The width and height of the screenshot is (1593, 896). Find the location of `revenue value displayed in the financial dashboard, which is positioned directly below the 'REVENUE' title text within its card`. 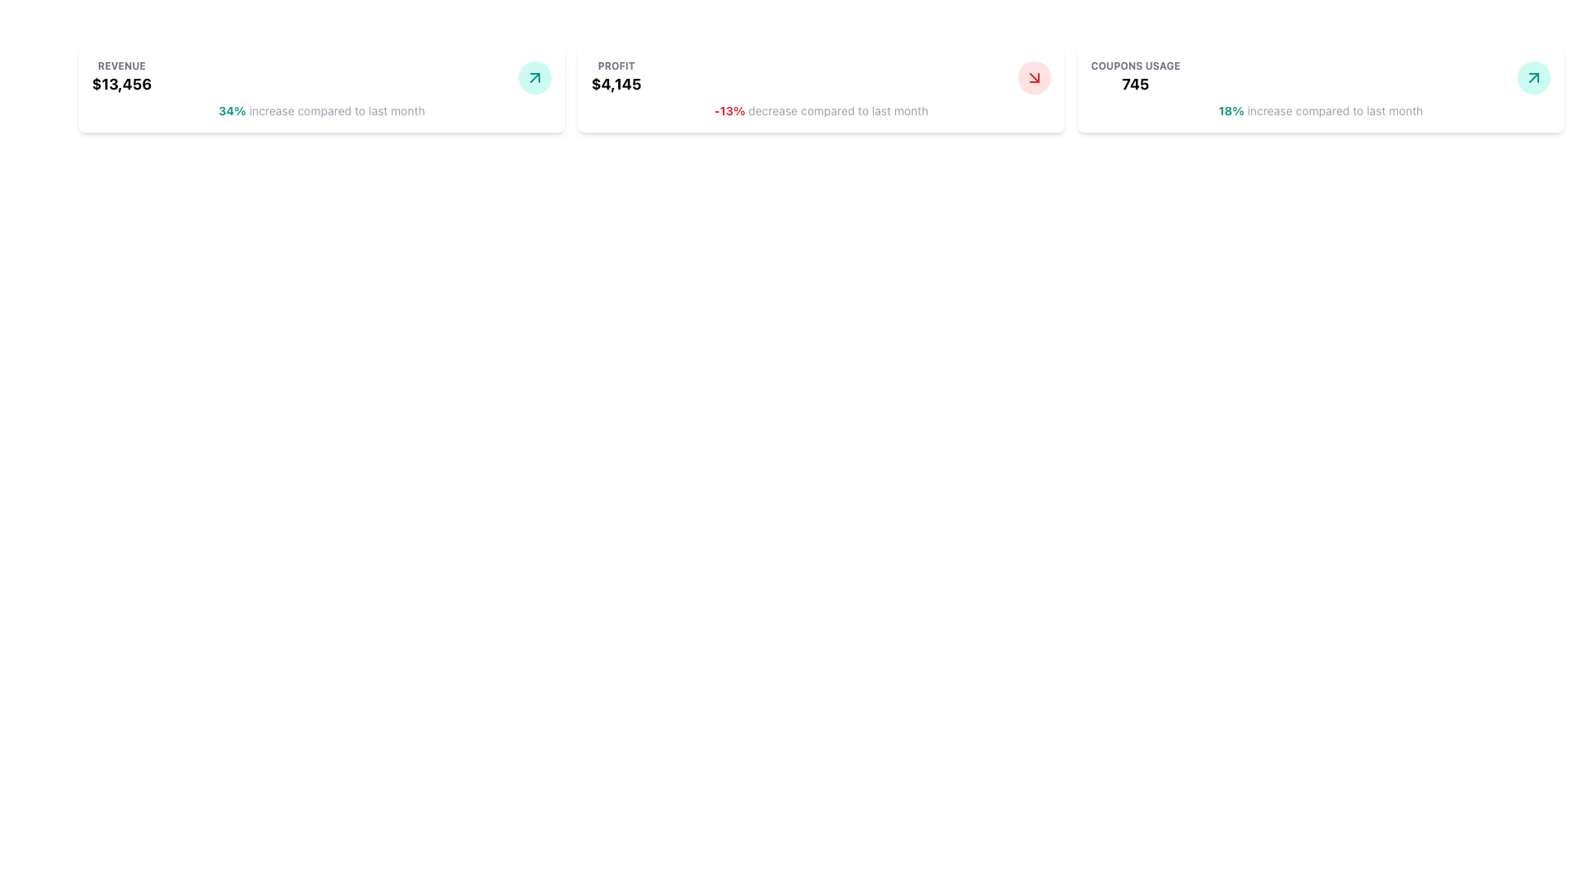

revenue value displayed in the financial dashboard, which is positioned directly below the 'REVENUE' title text within its card is located at coordinates (121, 84).